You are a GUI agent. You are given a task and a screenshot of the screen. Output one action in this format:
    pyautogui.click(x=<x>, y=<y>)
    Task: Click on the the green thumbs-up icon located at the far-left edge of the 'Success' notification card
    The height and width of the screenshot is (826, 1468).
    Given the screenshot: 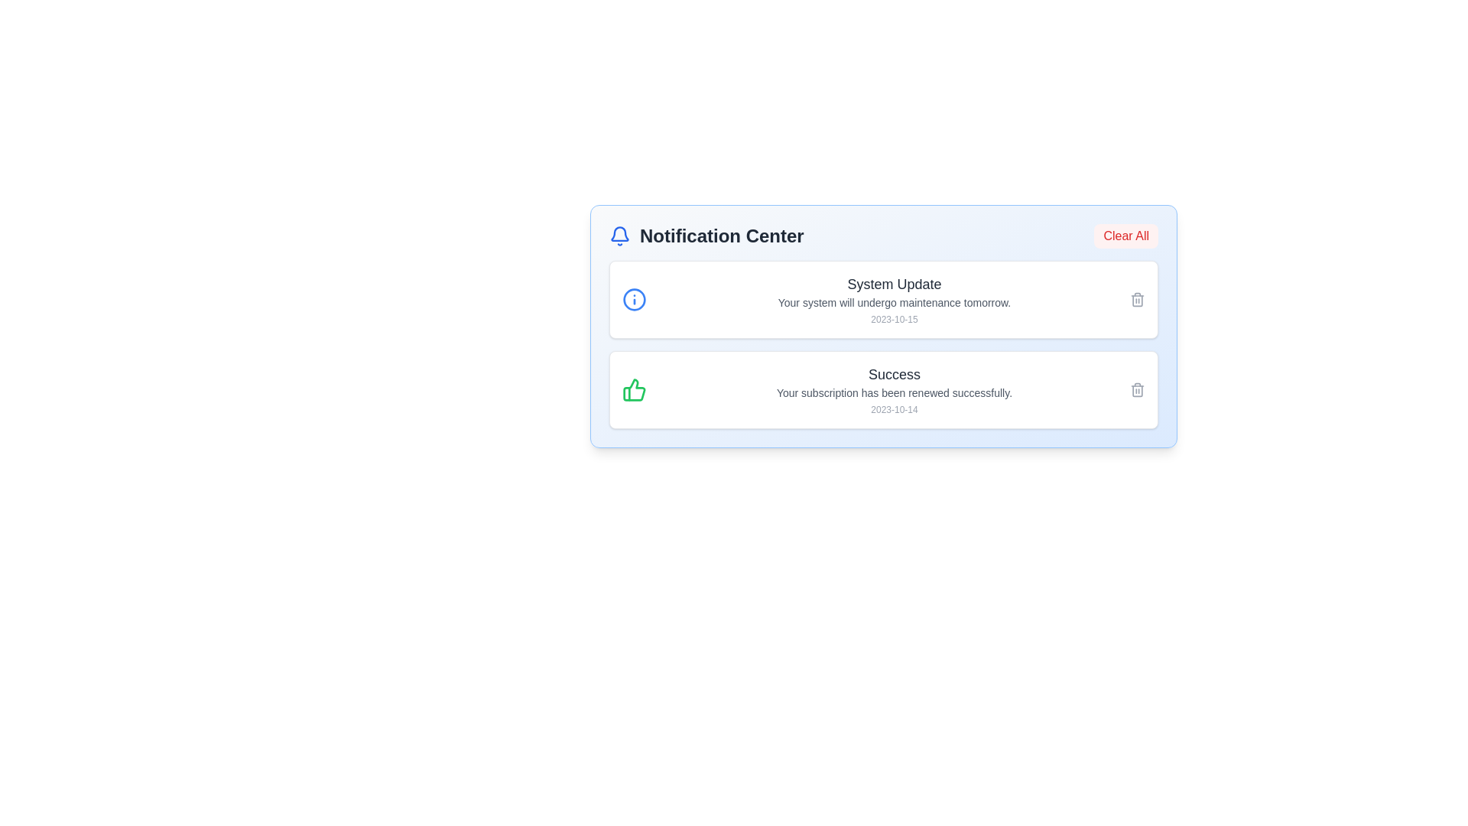 What is the action you would take?
    pyautogui.click(x=635, y=389)
    